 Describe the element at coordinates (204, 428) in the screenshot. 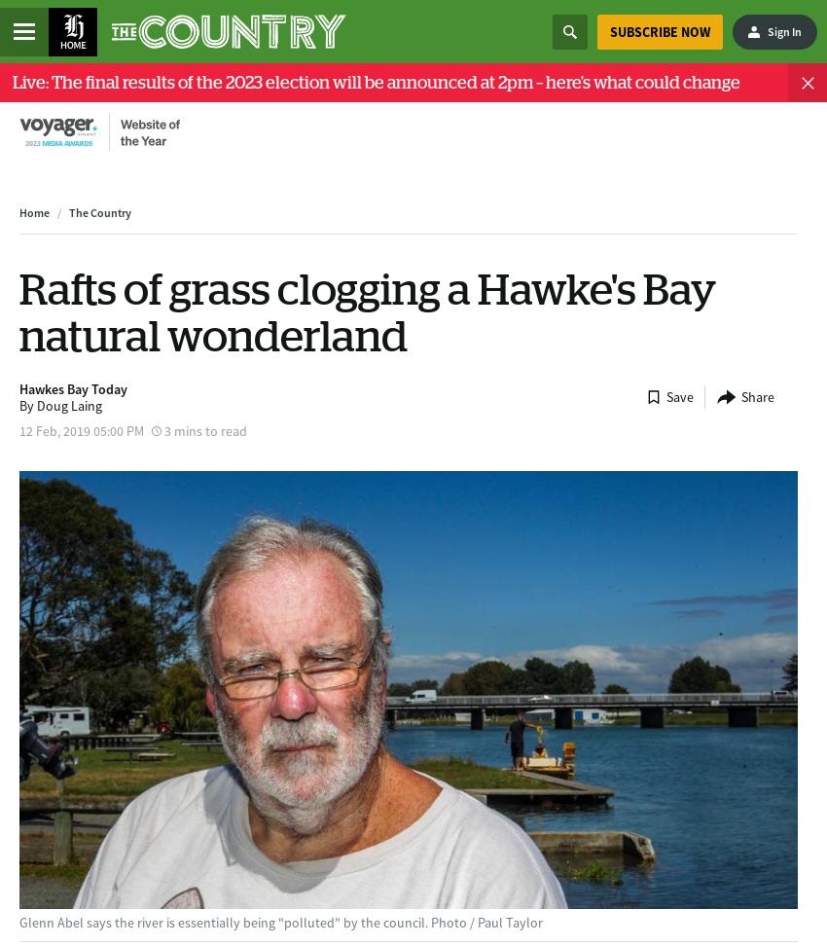

I see `'3 mins to read'` at that location.